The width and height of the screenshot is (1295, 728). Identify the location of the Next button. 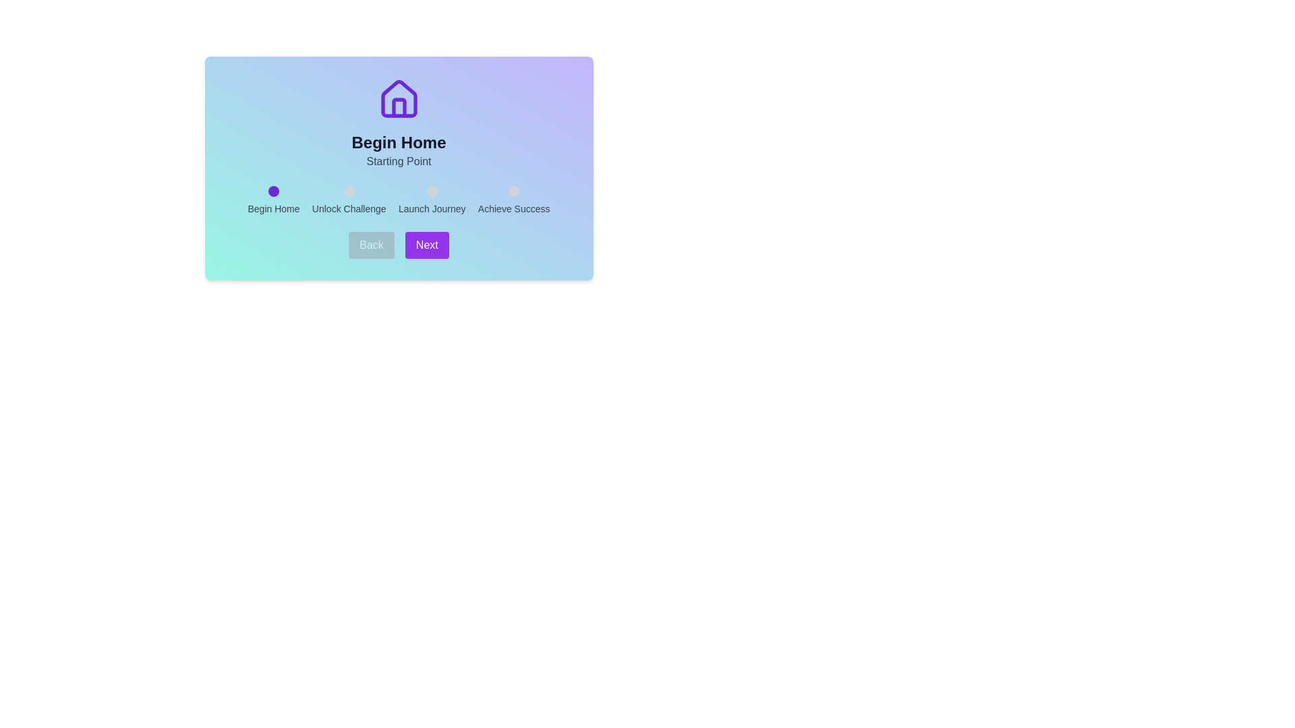
(426, 245).